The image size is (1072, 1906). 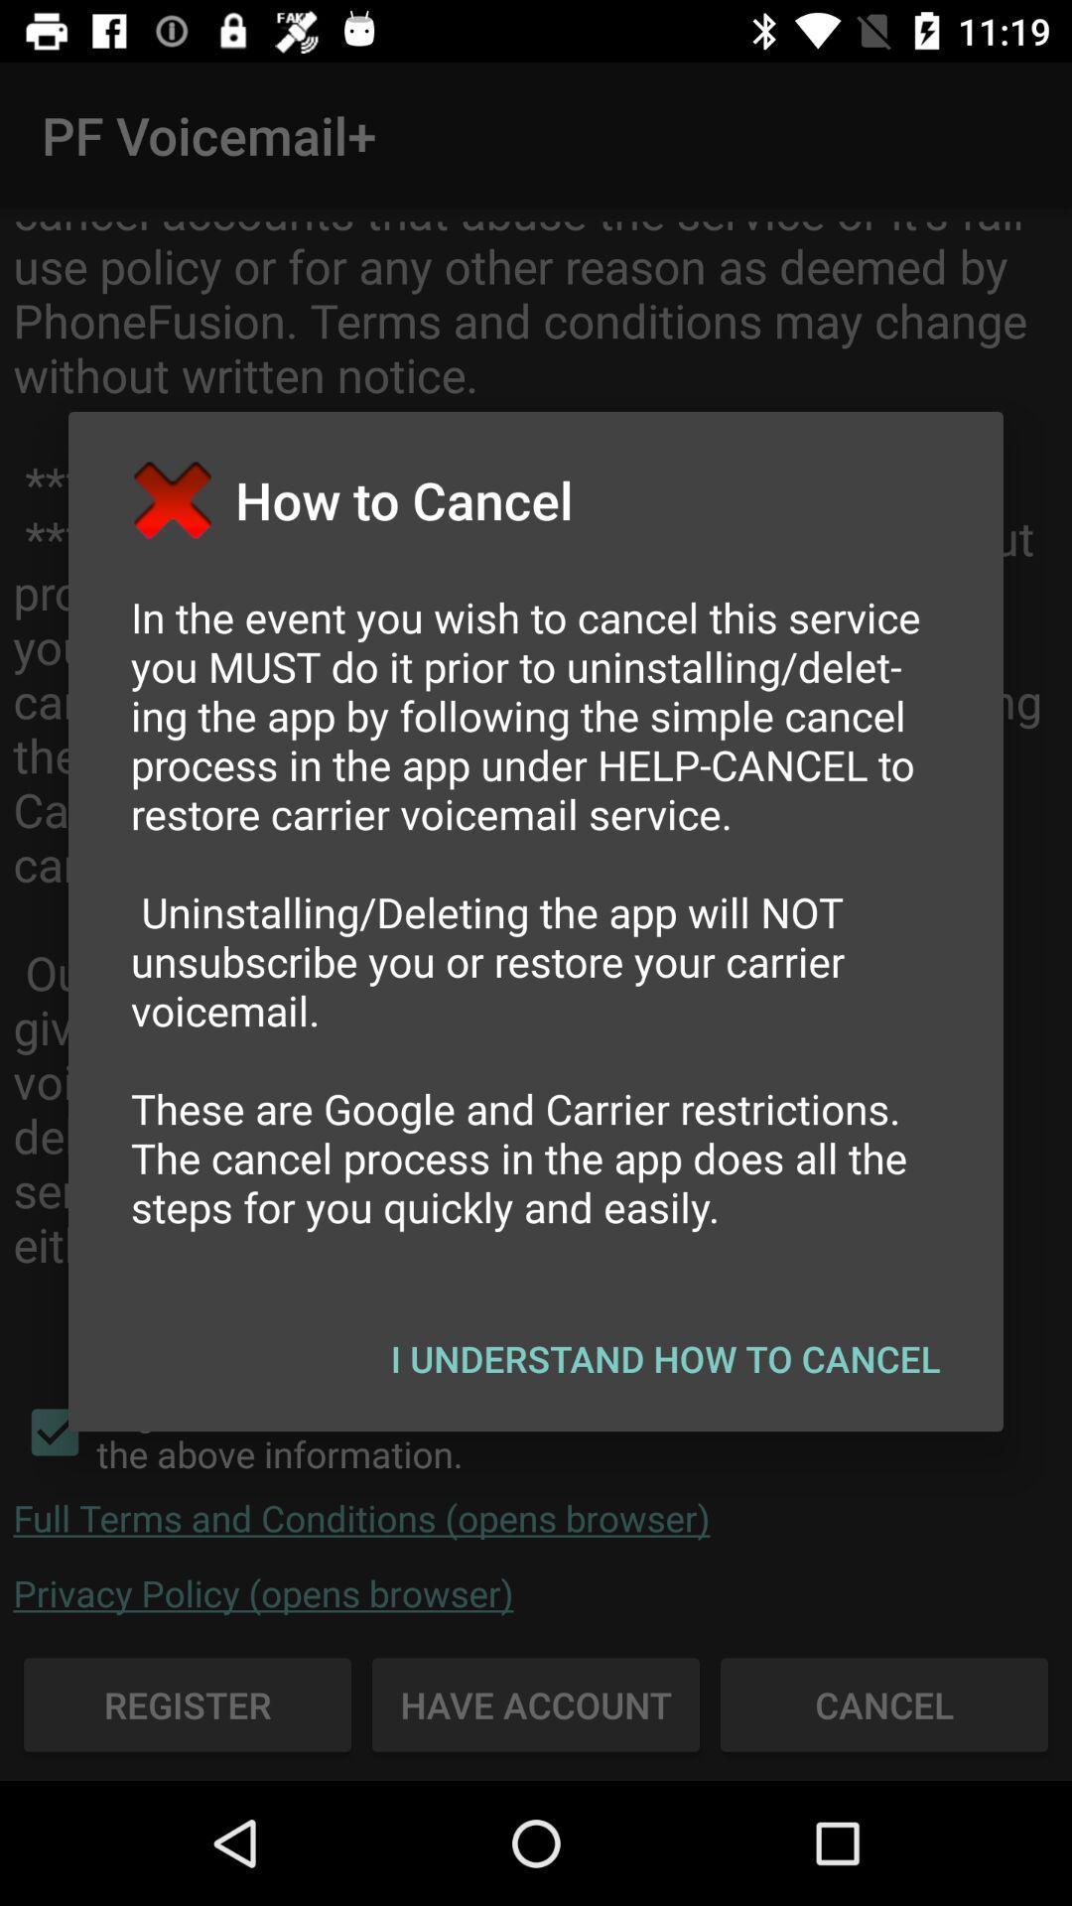 I want to click on i understand how button, so click(x=665, y=1357).